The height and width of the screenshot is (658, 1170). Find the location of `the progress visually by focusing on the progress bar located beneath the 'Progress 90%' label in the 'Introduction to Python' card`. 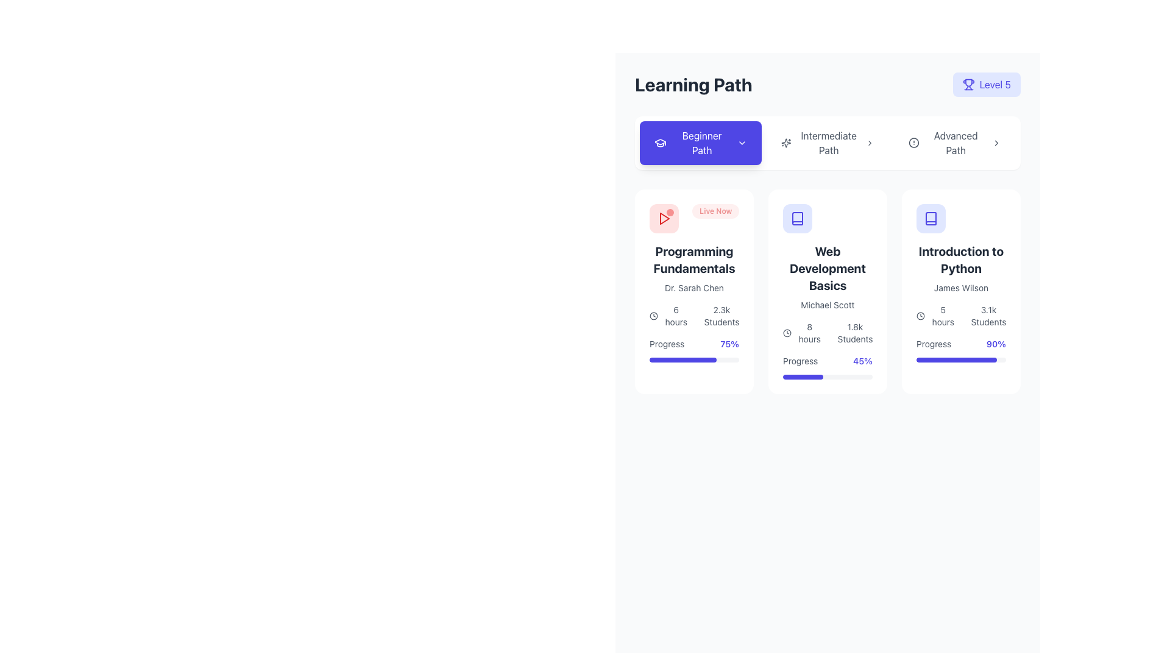

the progress visually by focusing on the progress bar located beneath the 'Progress 90%' label in the 'Introduction to Python' card is located at coordinates (956, 359).